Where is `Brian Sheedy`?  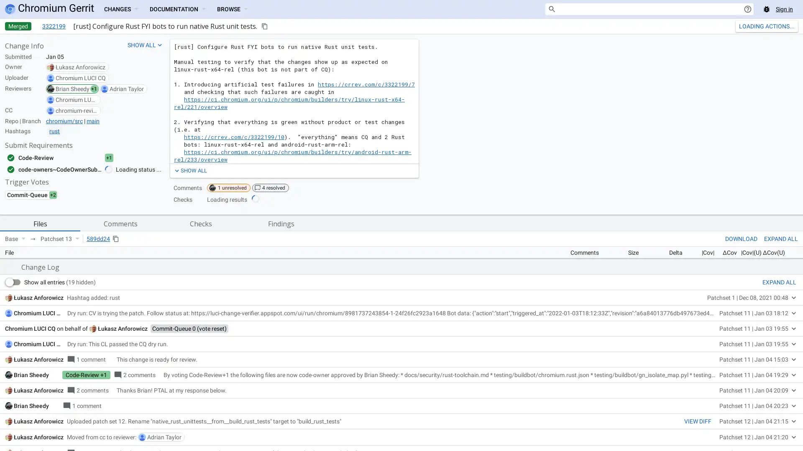 Brian Sheedy is located at coordinates (72, 89).